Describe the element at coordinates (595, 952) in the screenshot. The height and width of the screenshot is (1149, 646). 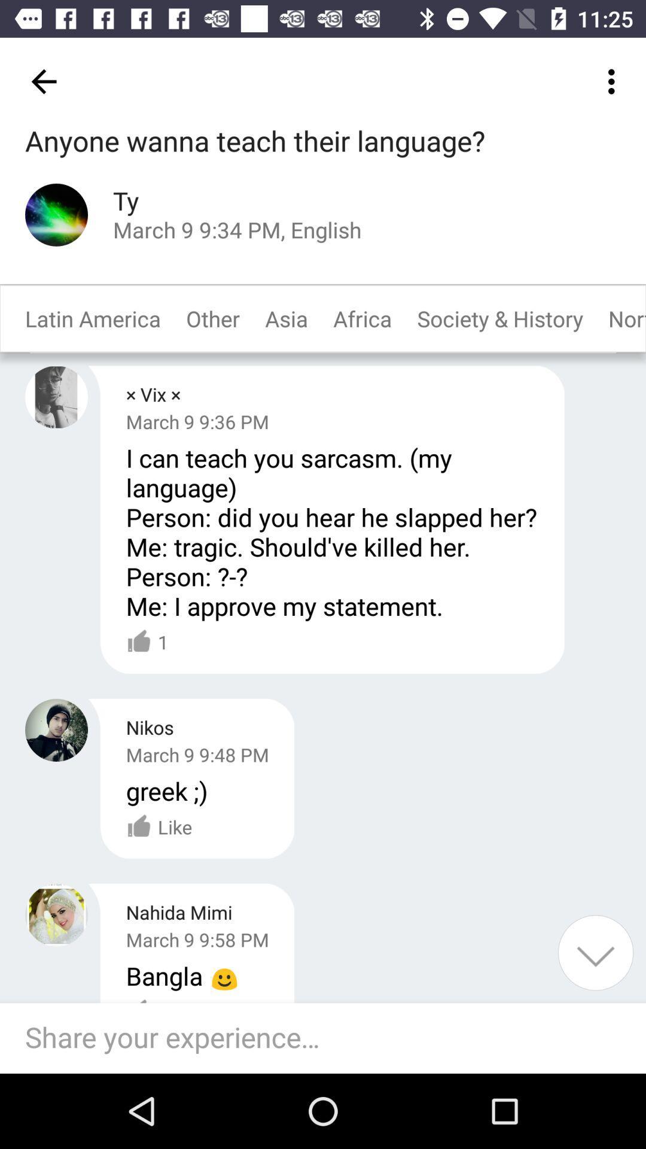
I see `a button for scrolling down the screen` at that location.